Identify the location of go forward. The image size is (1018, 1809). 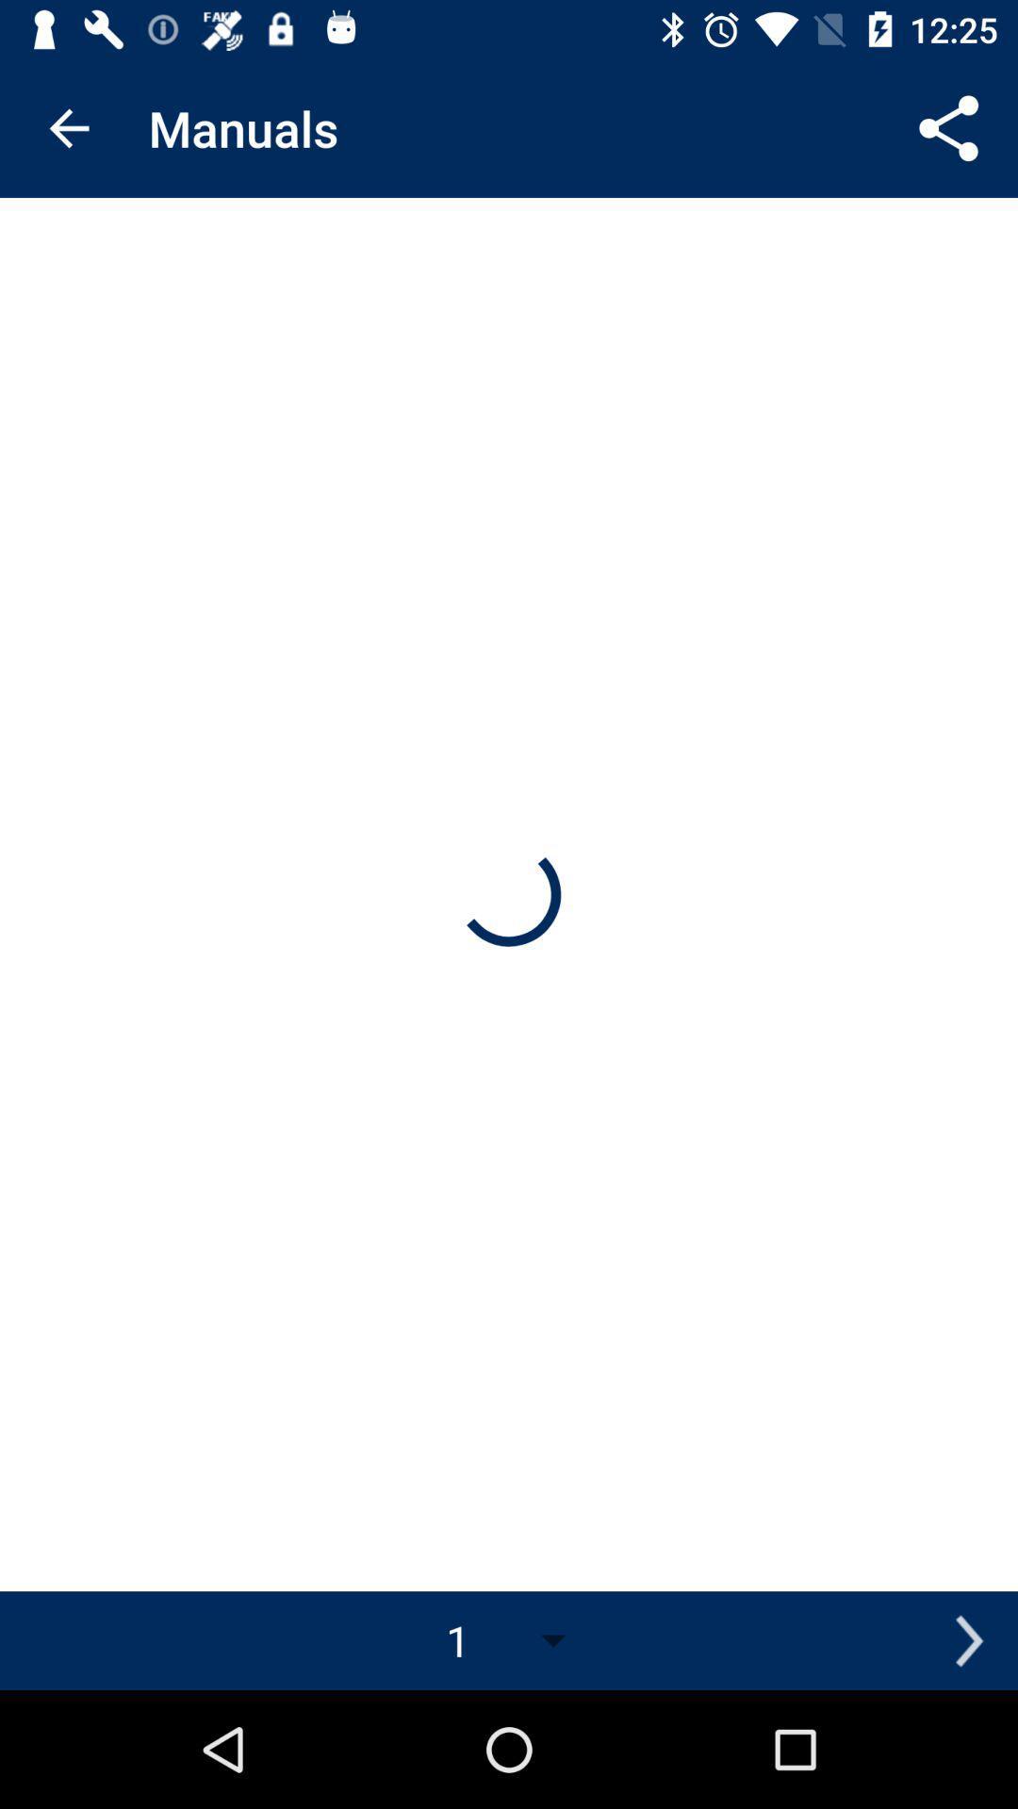
(968, 1639).